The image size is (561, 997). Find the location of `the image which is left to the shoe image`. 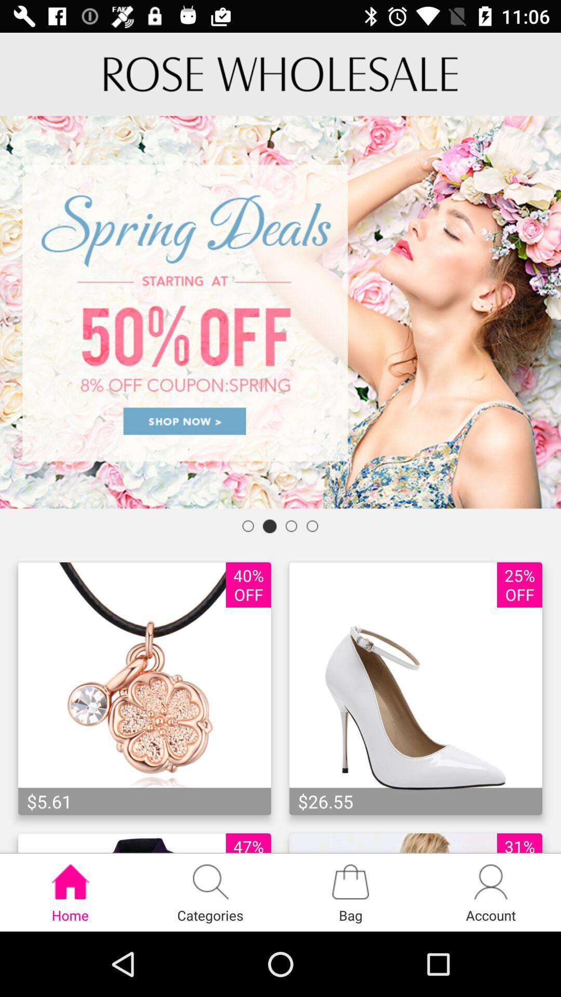

the image which is left to the shoe image is located at coordinates (144, 689).